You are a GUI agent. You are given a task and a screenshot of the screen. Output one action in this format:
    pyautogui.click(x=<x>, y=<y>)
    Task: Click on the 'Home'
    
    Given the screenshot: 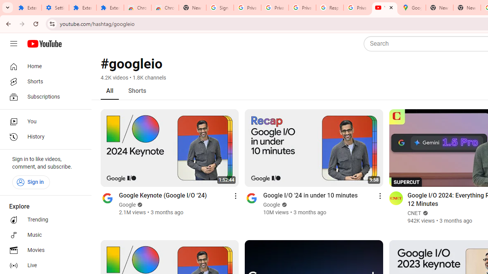 What is the action you would take?
    pyautogui.click(x=43, y=66)
    